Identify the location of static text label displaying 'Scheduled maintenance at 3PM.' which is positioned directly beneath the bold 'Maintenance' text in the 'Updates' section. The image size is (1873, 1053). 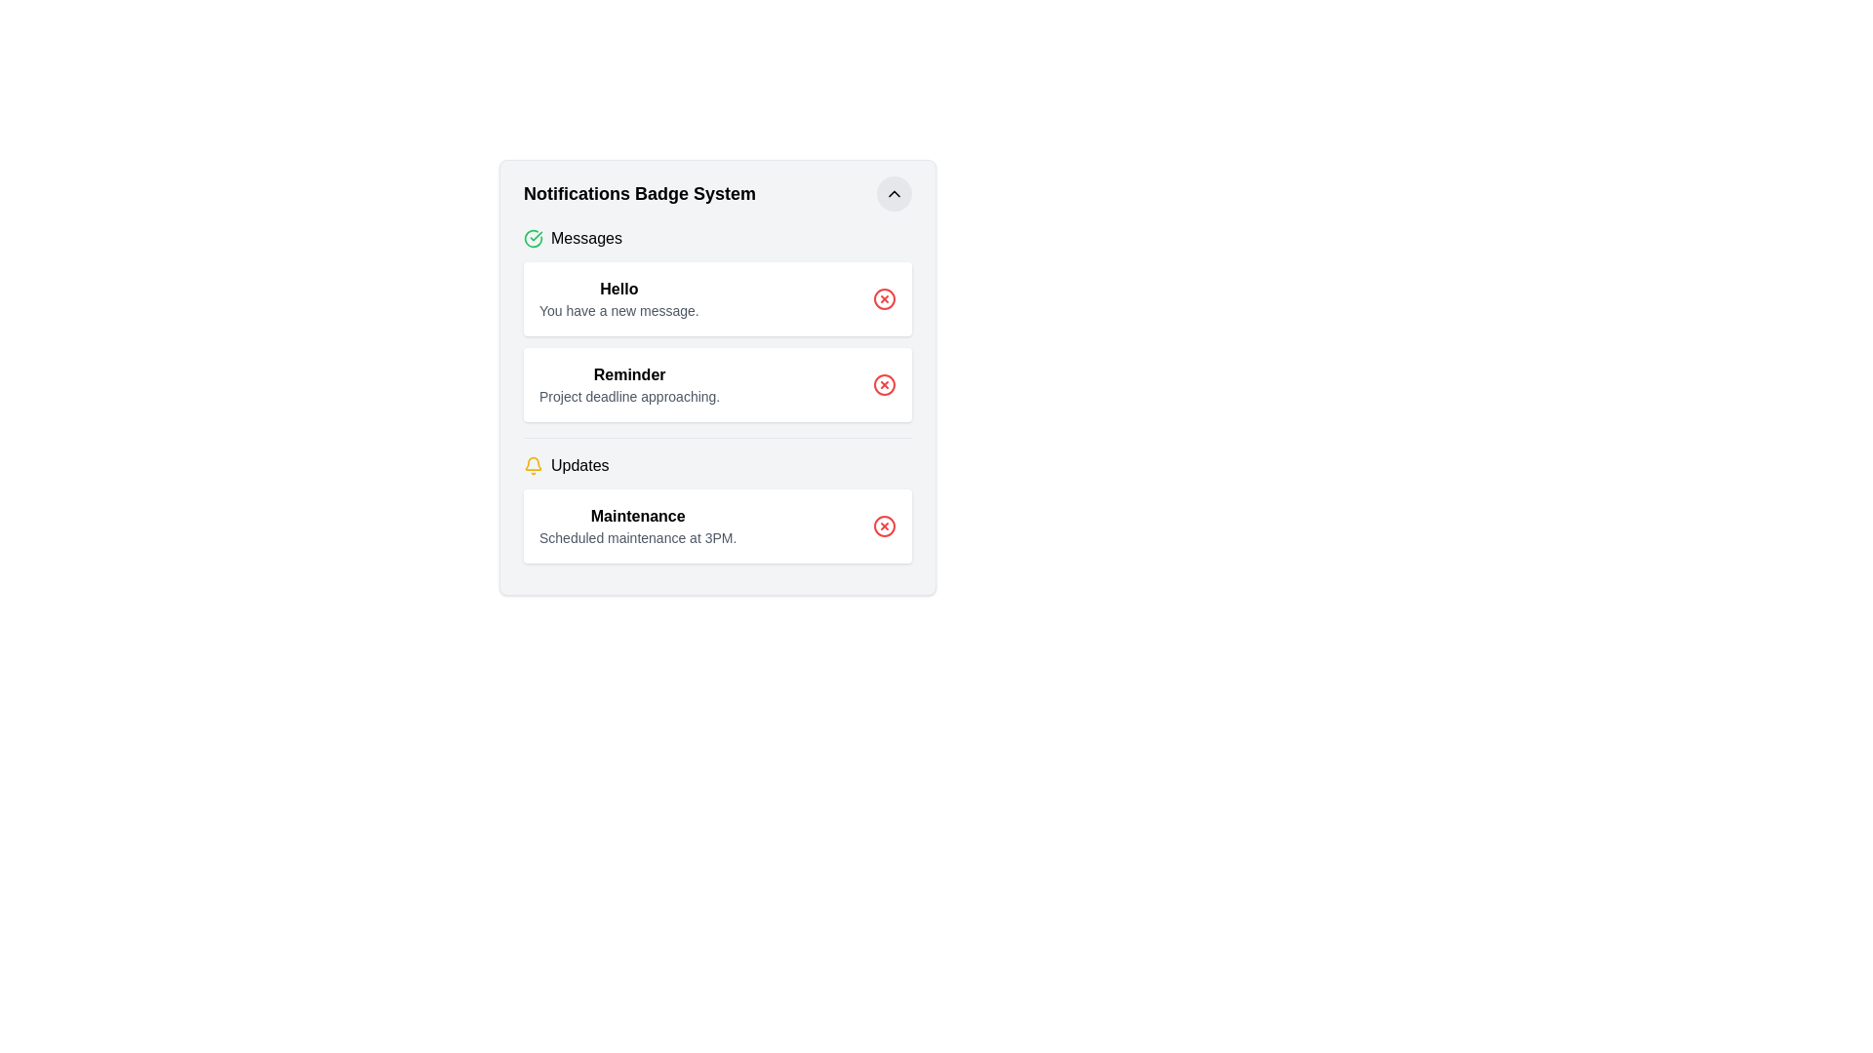
(638, 537).